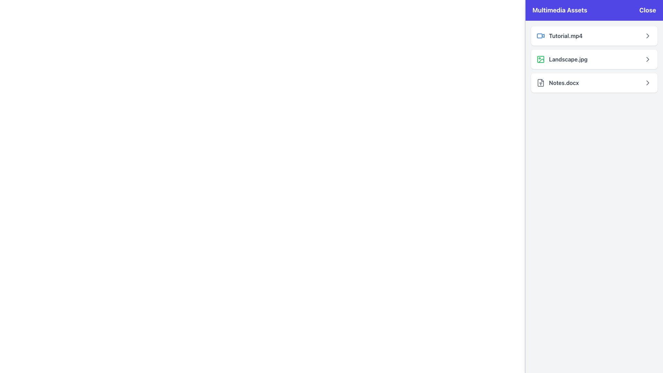 This screenshot has width=663, height=373. I want to click on the clickable list item for the file entry 'Landscape.jpg', which features a file type icon with a green outline and bold text in gray color, so click(562, 59).